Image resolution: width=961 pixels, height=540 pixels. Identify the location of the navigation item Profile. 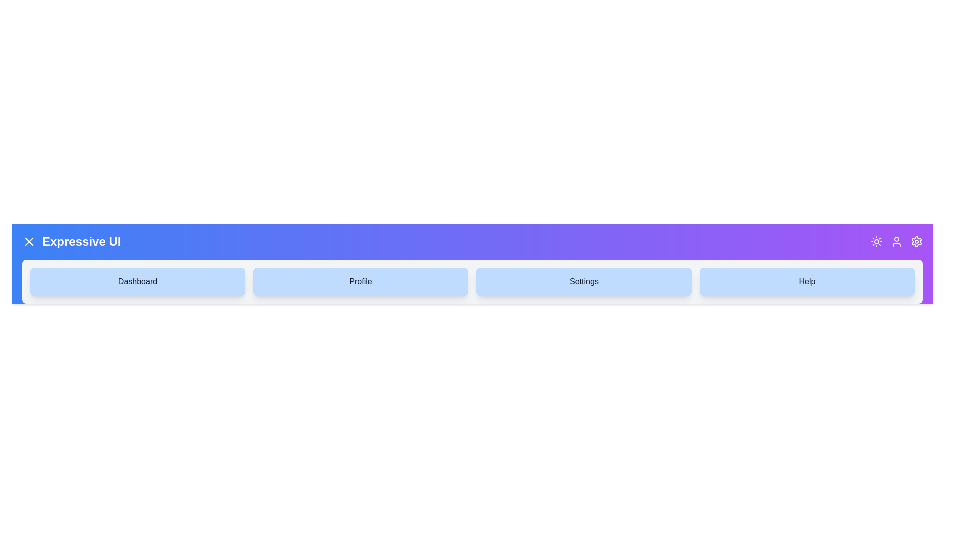
(360, 281).